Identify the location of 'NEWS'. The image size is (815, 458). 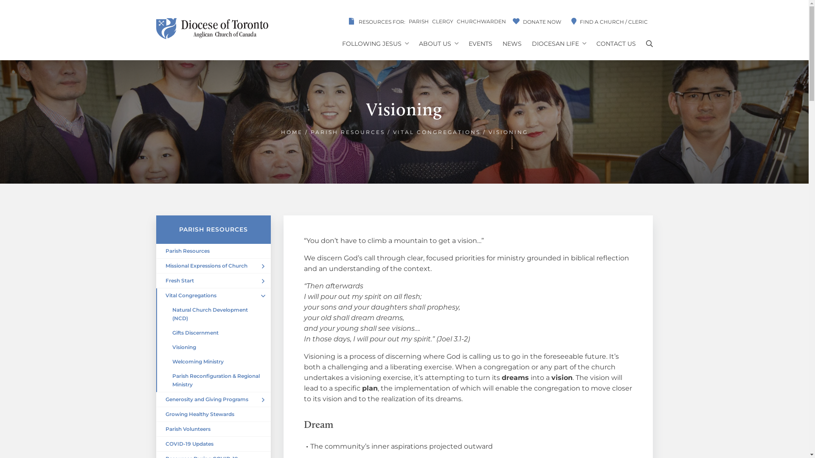
(497, 44).